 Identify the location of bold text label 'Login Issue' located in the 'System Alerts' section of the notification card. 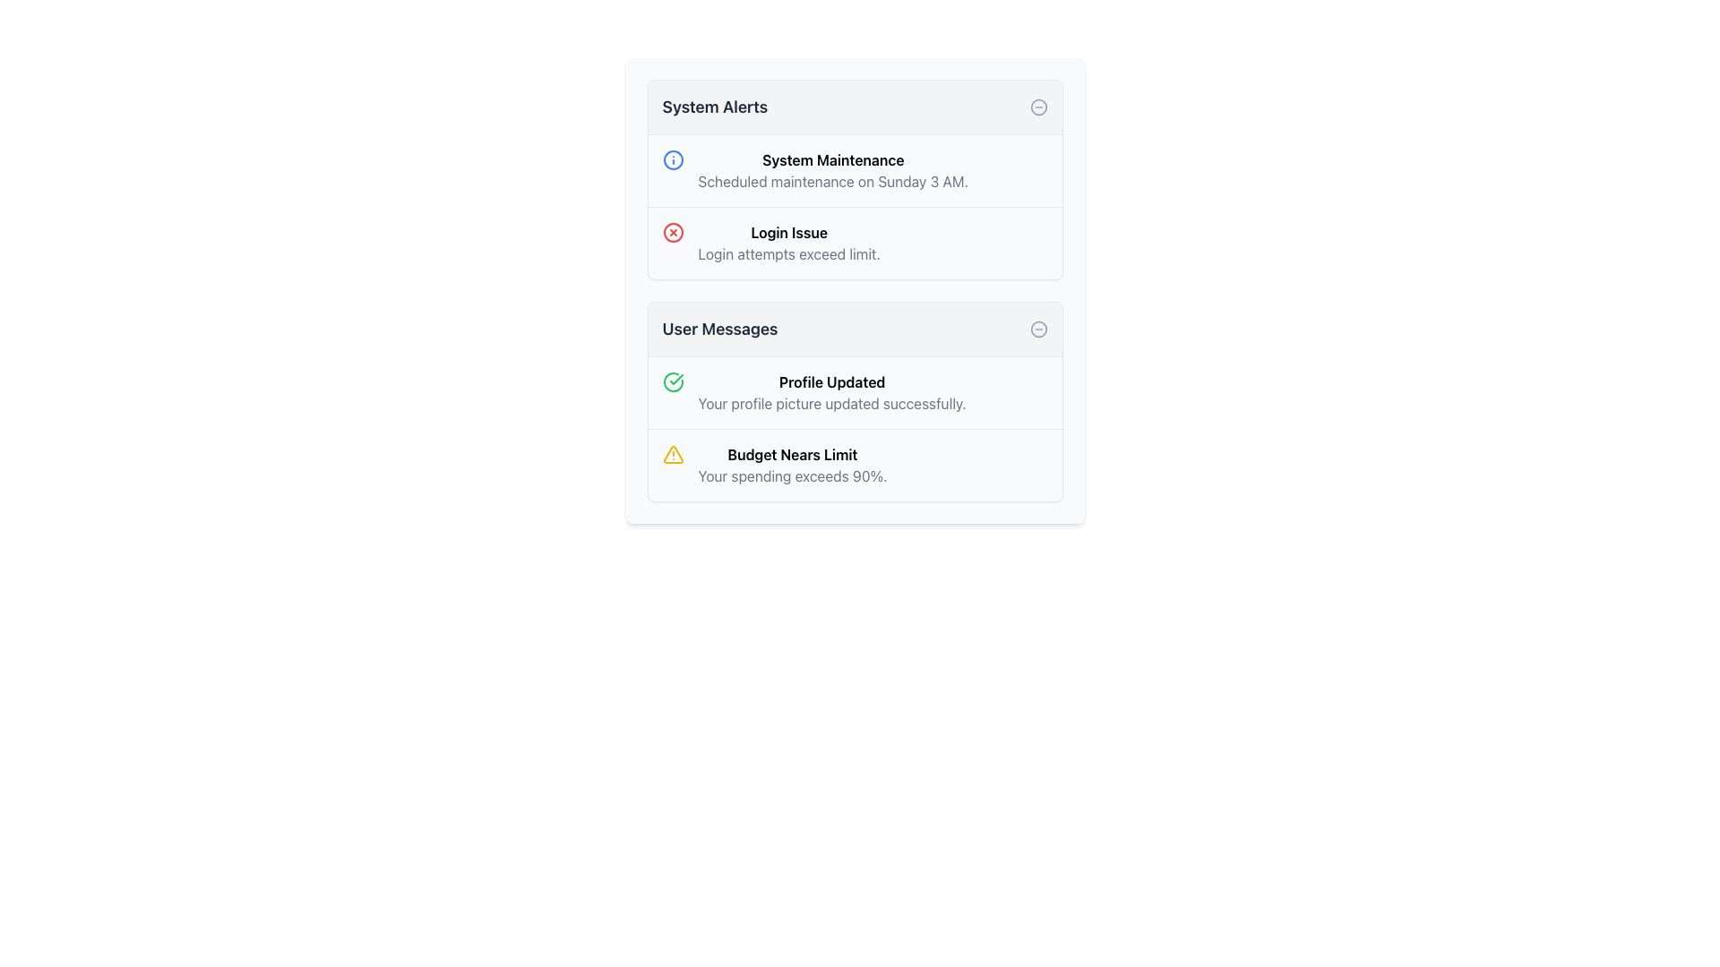
(788, 231).